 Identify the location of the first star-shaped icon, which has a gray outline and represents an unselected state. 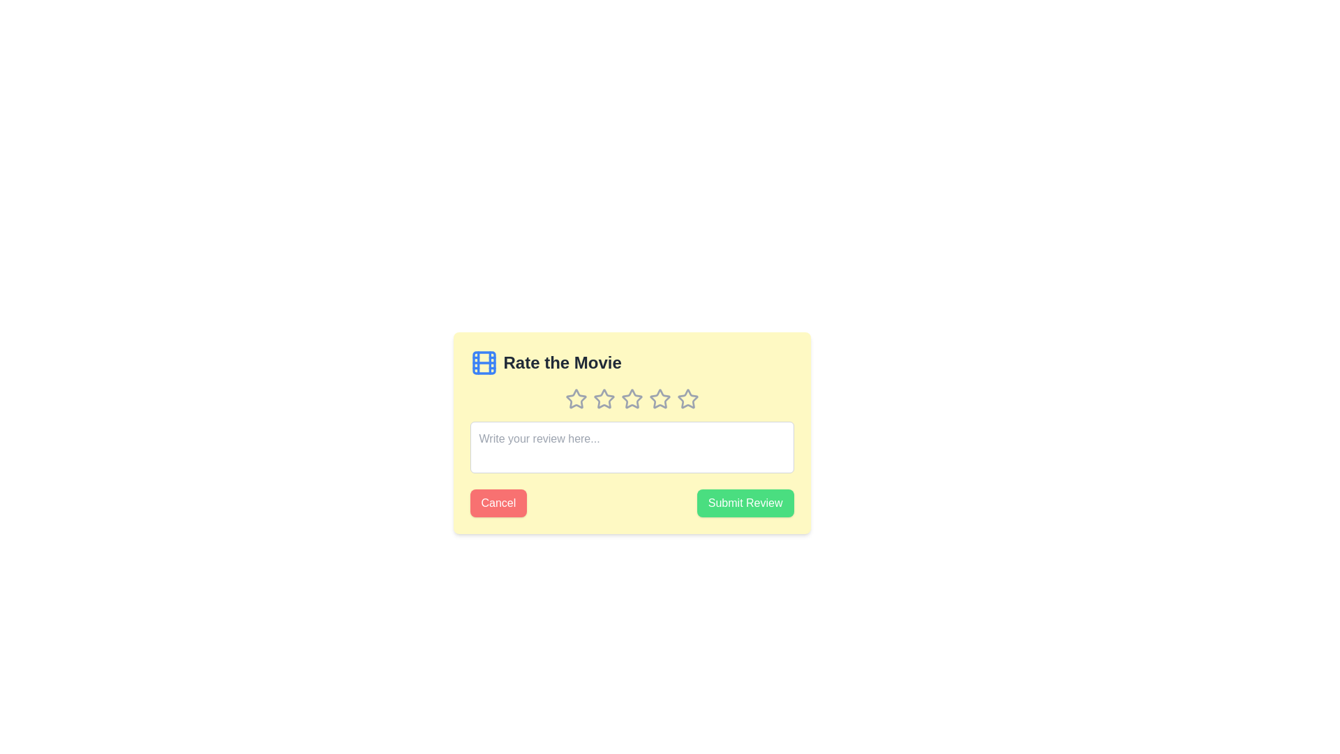
(576, 399).